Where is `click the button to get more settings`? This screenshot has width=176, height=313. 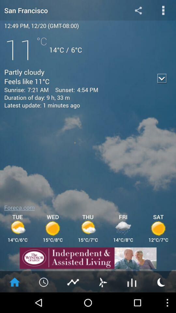 click the button to get more settings is located at coordinates (163, 10).